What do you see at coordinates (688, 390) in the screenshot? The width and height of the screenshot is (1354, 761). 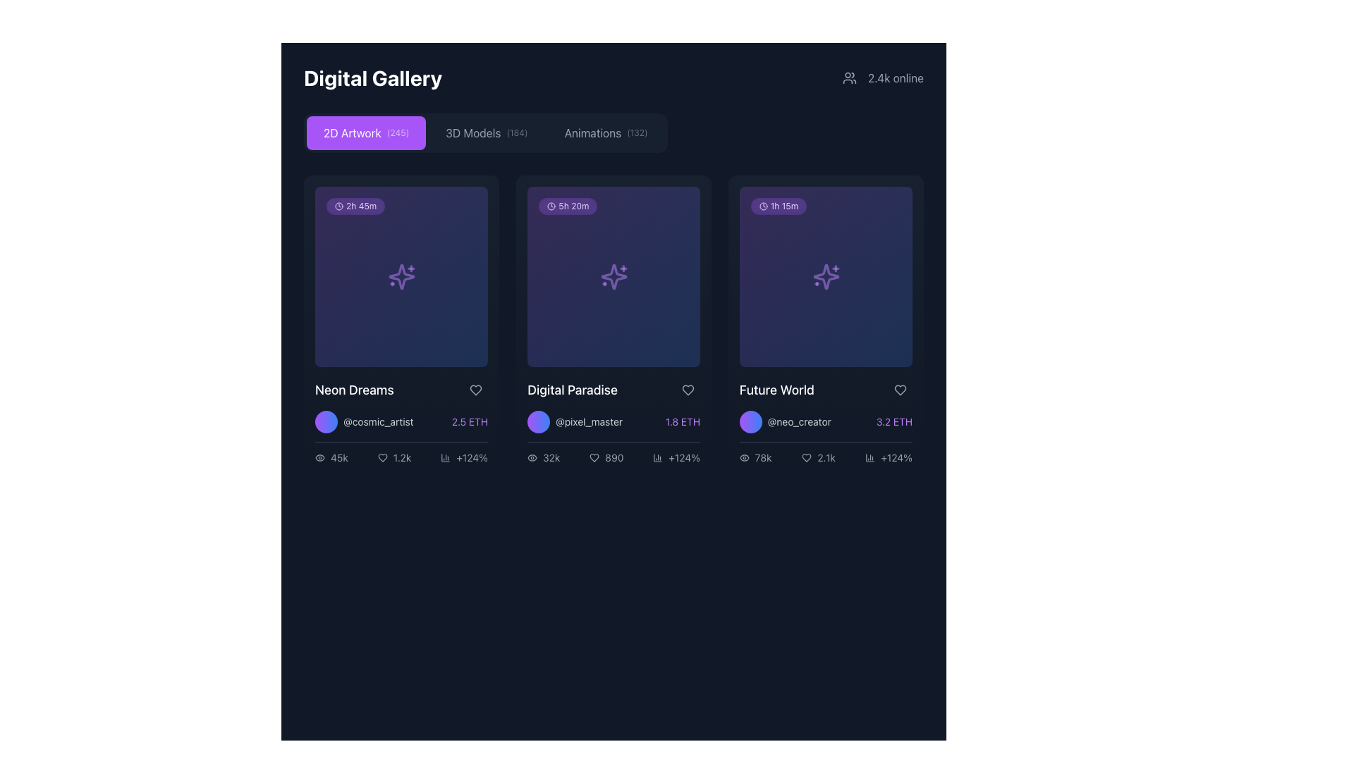 I see `the heart-shaped like button located at the bottom-right corner of the 'Digital Paradise' card to like the item` at bounding box center [688, 390].